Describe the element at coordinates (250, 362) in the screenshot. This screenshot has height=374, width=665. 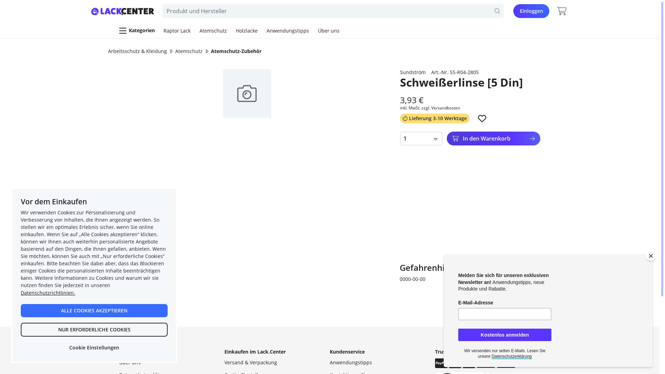
I see `'Versand & Verpackung'` at that location.